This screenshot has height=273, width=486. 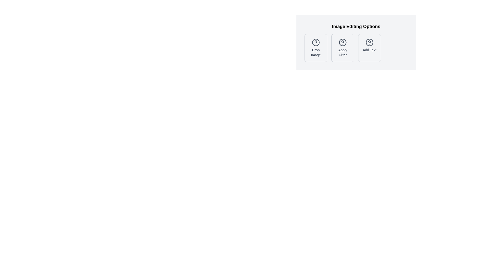 What do you see at coordinates (342, 42) in the screenshot?
I see `the Icon that serves as a visual indicator for the Apply Filter button, located in the center-top portion of the button in the Image Editing Options section` at bounding box center [342, 42].